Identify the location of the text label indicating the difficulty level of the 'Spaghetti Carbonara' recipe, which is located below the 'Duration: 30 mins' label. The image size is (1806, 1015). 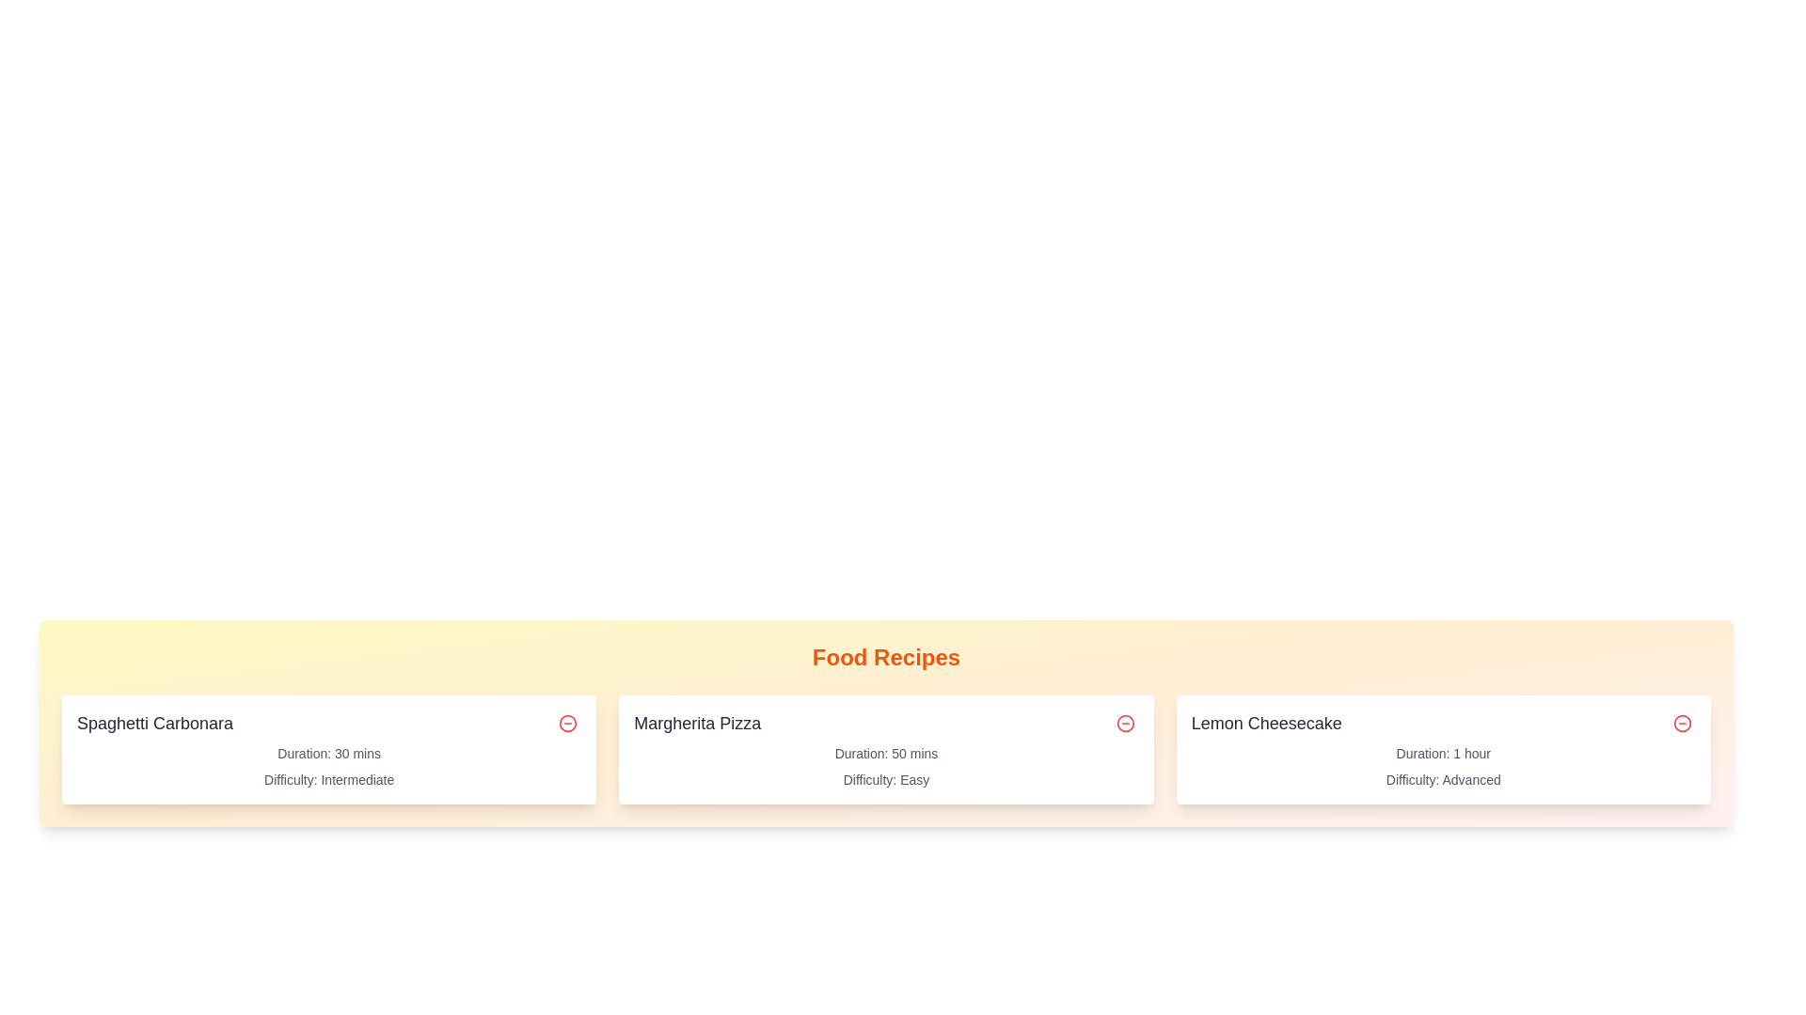
(329, 779).